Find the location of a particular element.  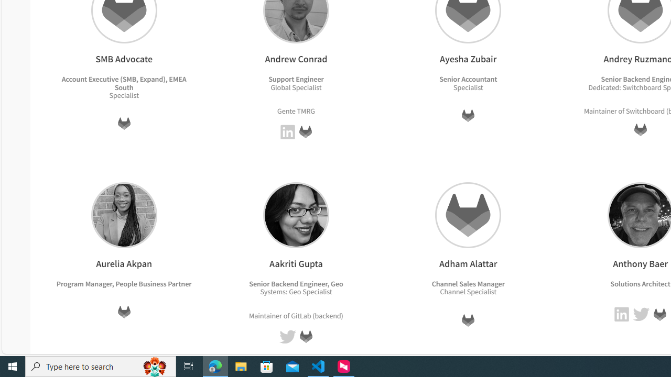

'Senior Backend Engineer, Geo' is located at coordinates (296, 283).